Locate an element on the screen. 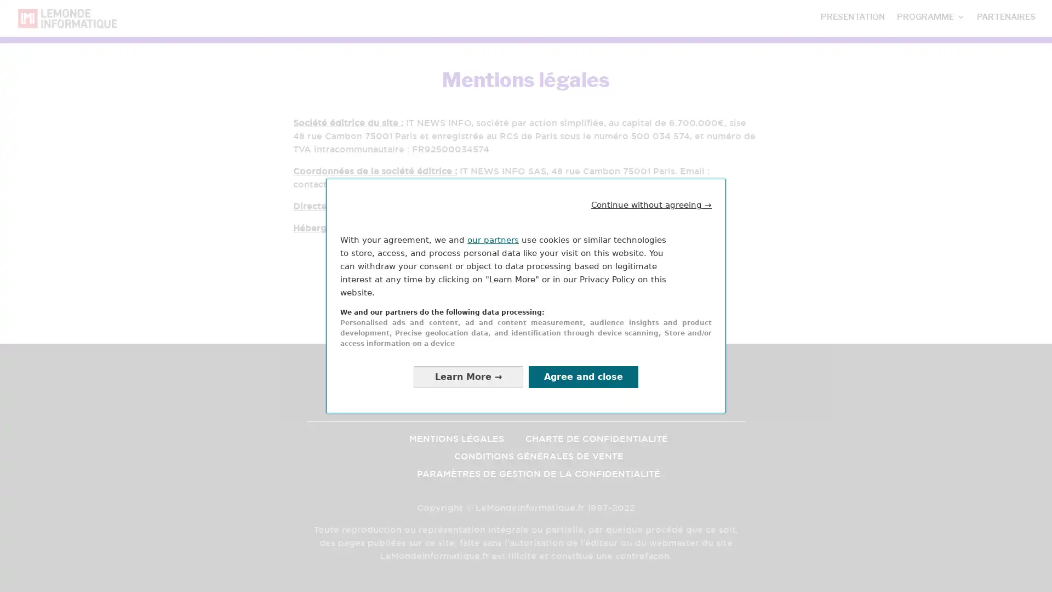 Image resolution: width=1052 pixels, height=592 pixels. Agree to our data processing and close is located at coordinates (583, 376).